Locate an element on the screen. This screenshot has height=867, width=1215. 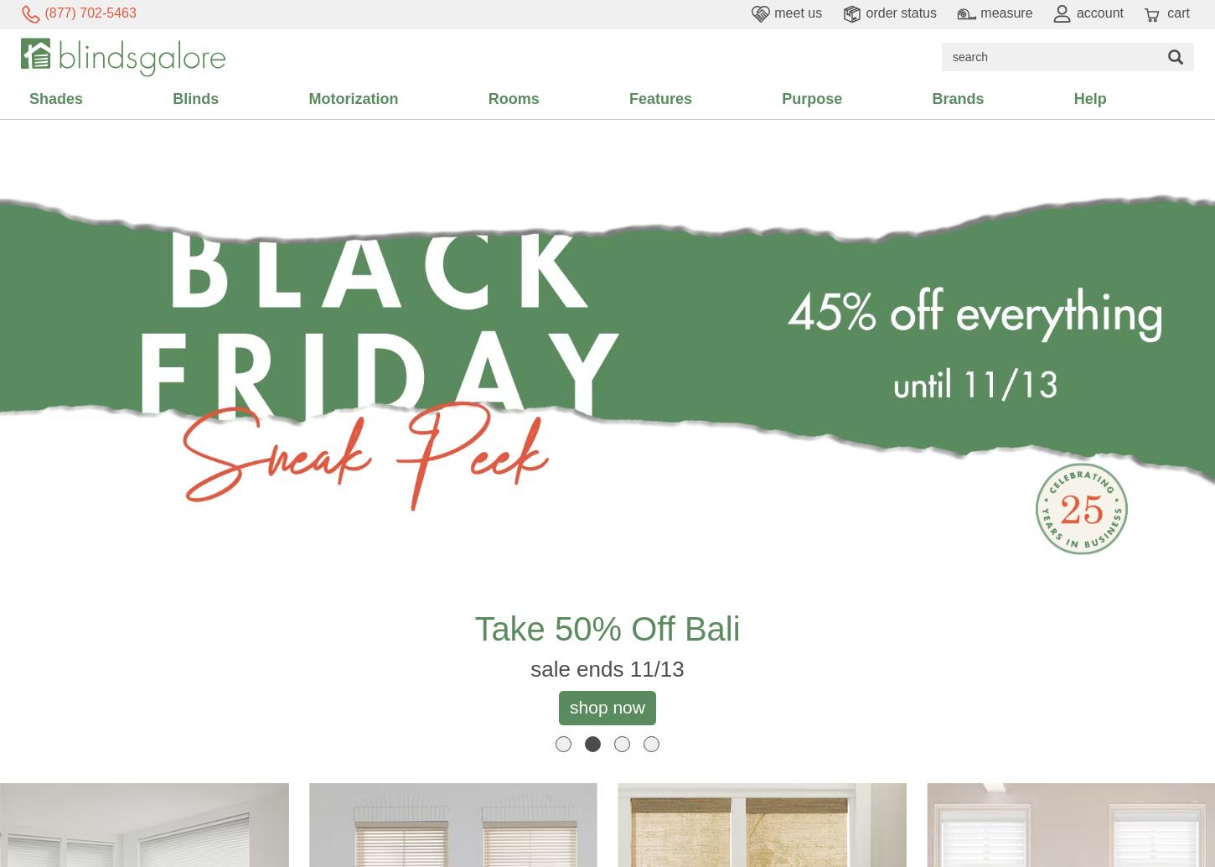
'account' is located at coordinates (1097, 13).